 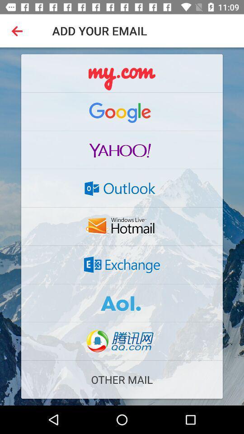 What do you see at coordinates (122, 264) in the screenshot?
I see `opens exchange` at bounding box center [122, 264].